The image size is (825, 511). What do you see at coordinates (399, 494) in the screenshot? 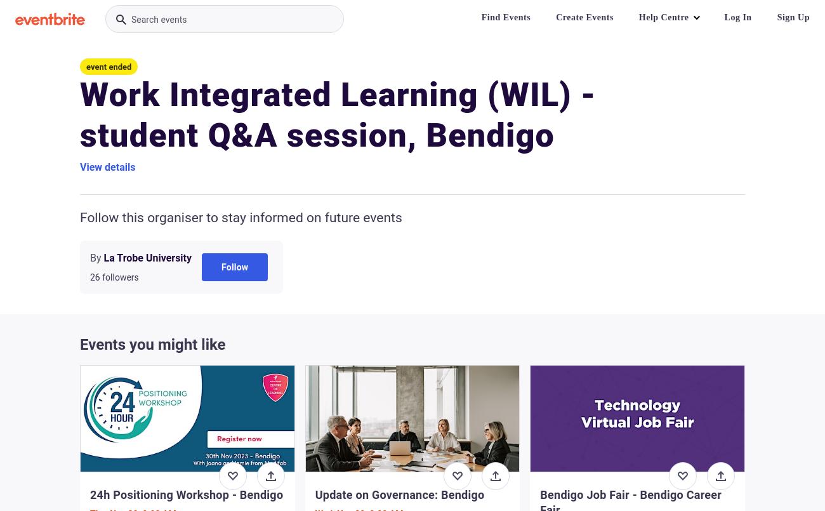
I see `'Update on Governance: Bendigo'` at bounding box center [399, 494].